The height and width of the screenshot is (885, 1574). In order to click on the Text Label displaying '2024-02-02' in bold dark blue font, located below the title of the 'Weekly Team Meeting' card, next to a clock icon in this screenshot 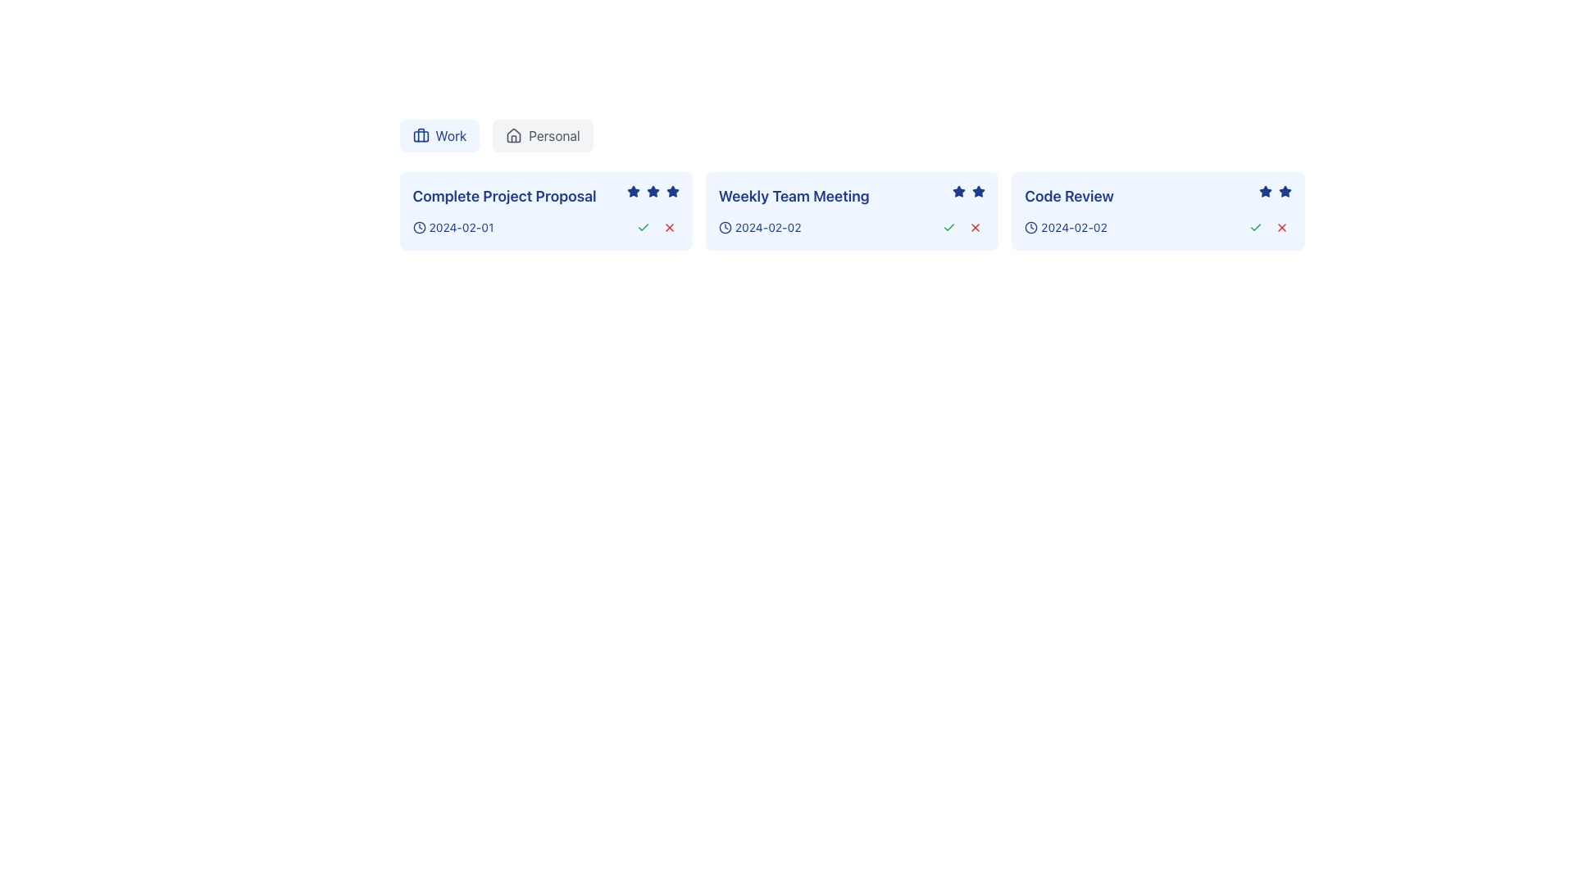, I will do `click(767, 227)`.